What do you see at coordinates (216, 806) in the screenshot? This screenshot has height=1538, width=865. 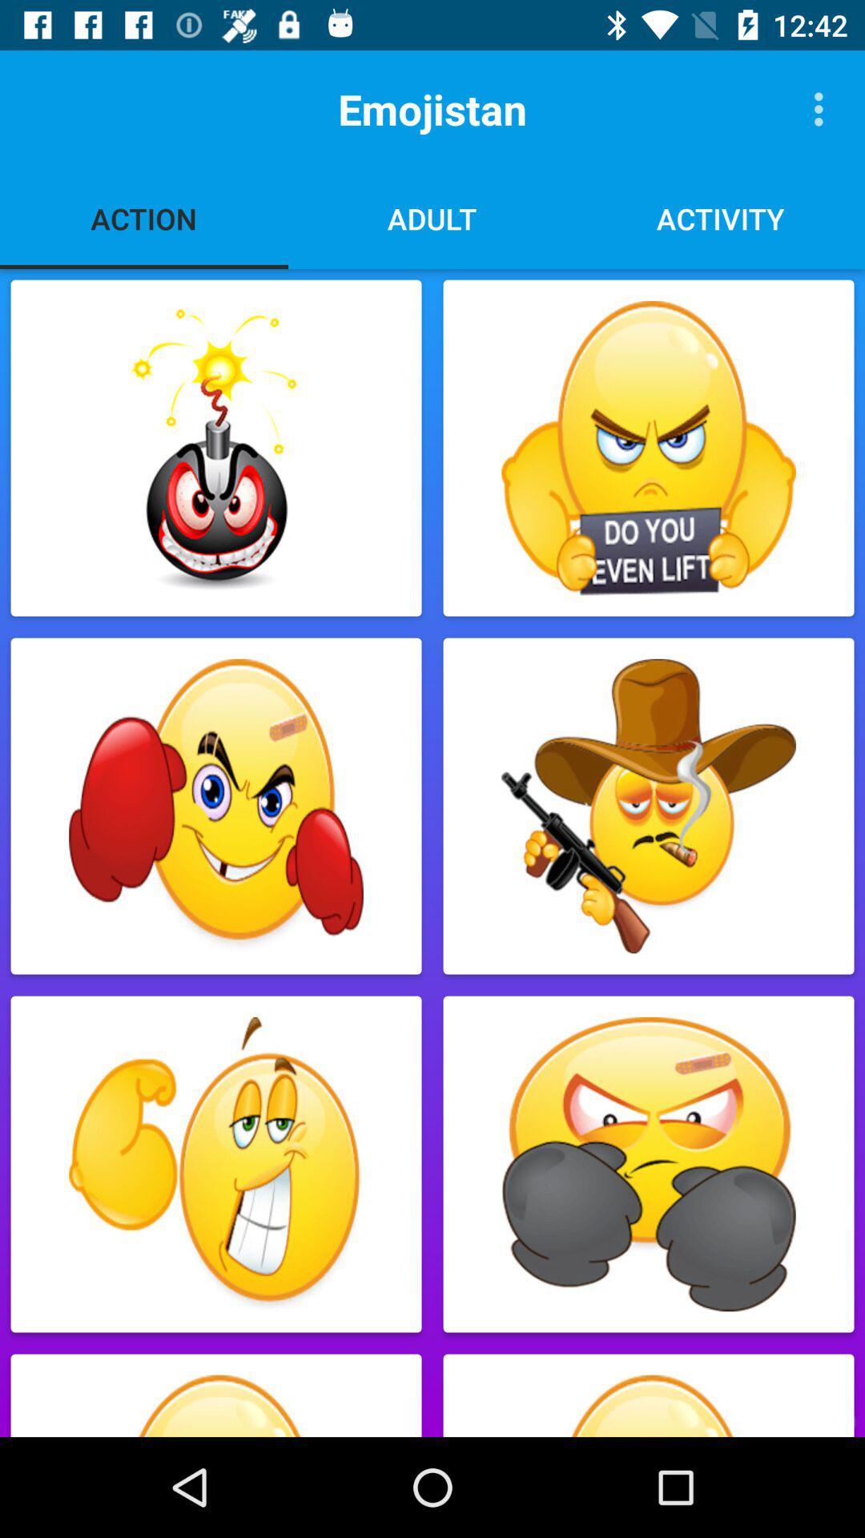 I see `the second image in the first column` at bounding box center [216, 806].